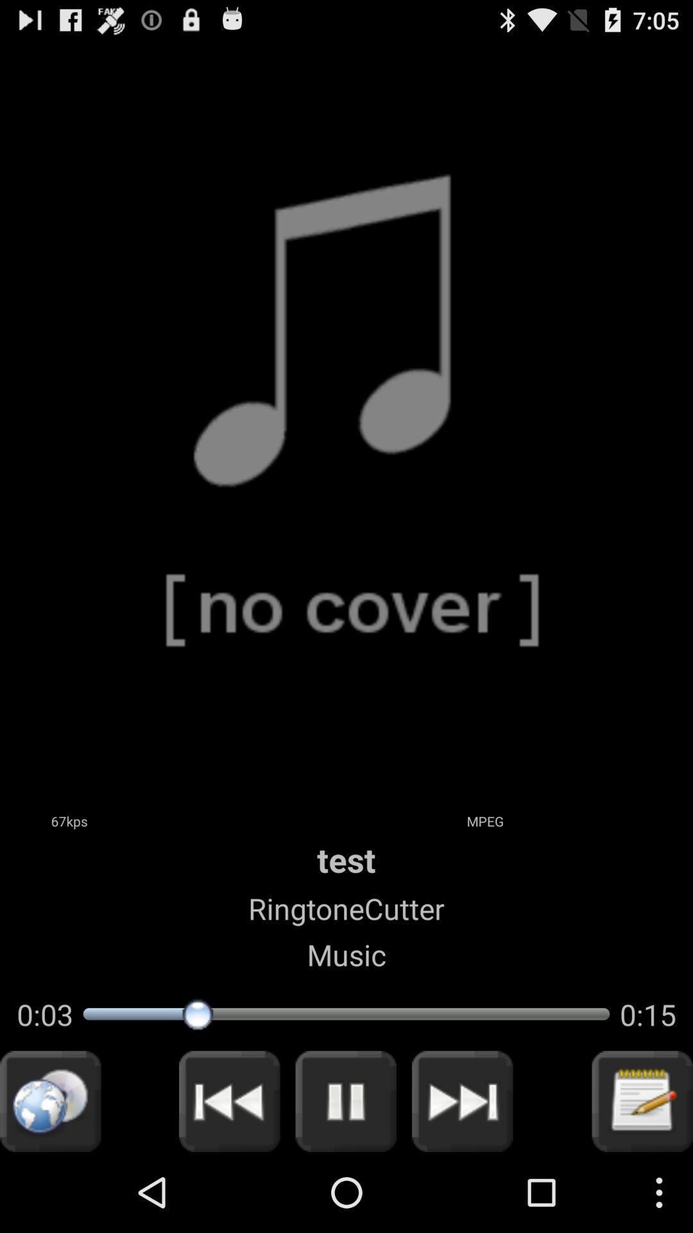 The height and width of the screenshot is (1233, 693). Describe the element at coordinates (228, 1178) in the screenshot. I see `the av_rewind icon` at that location.